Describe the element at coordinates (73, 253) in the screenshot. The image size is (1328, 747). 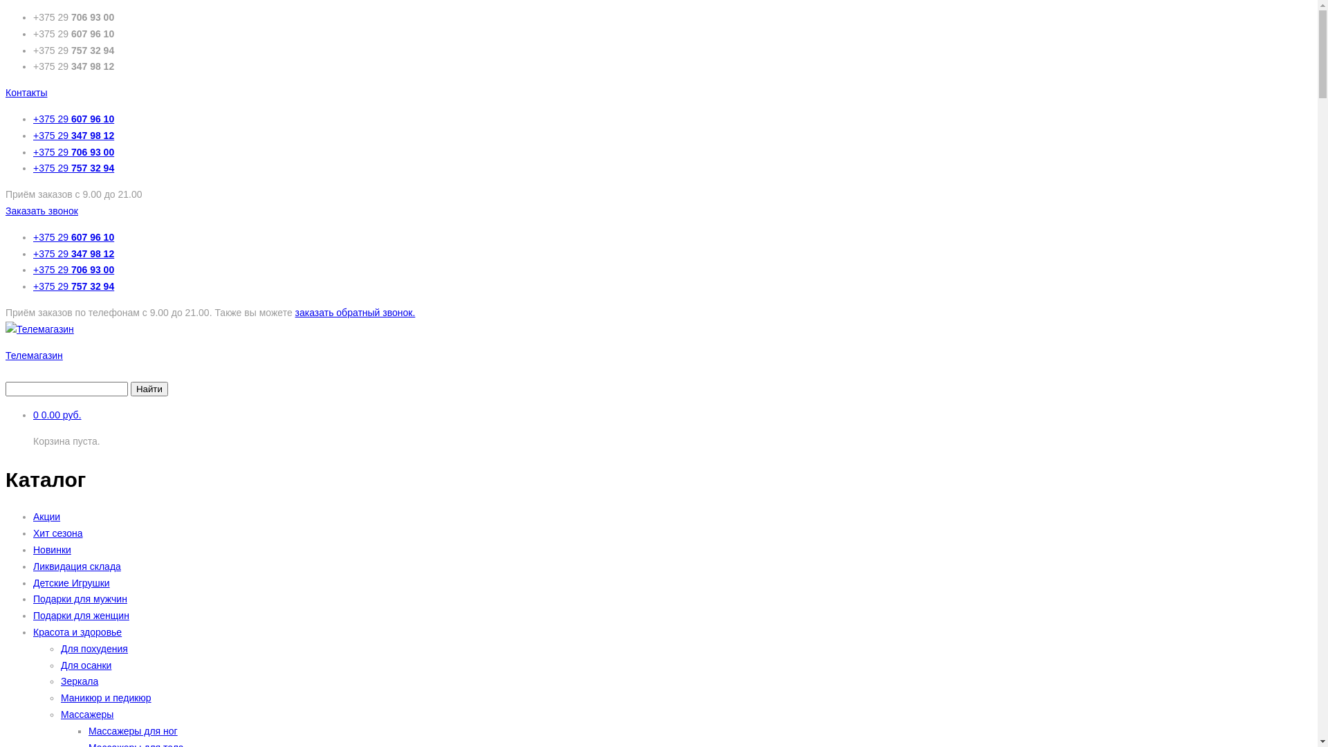
I see `'+375 29 347 98 12'` at that location.